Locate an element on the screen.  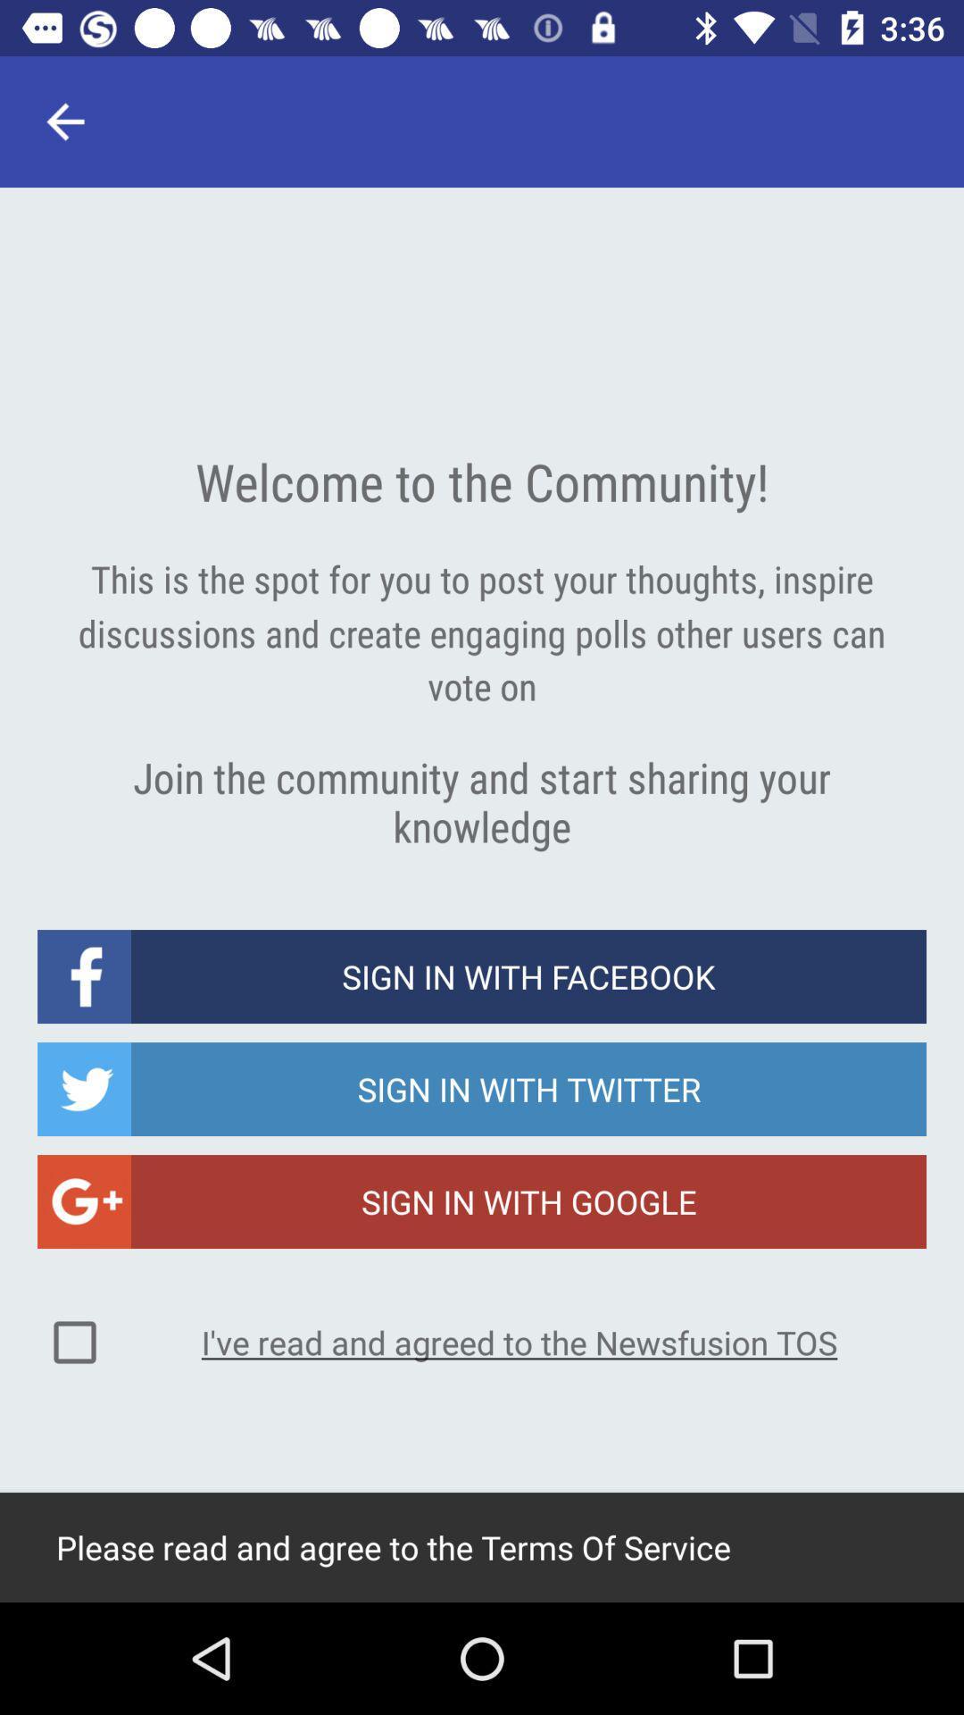
the i ve read icon is located at coordinates (519, 1342).